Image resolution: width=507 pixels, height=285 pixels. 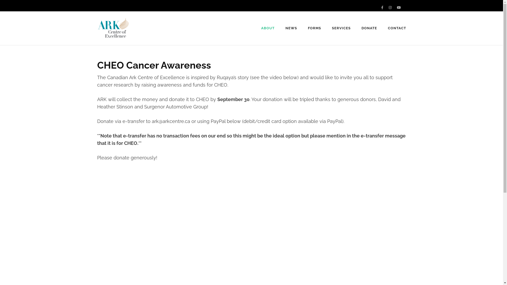 I want to click on 'DONATE', so click(x=361, y=28).